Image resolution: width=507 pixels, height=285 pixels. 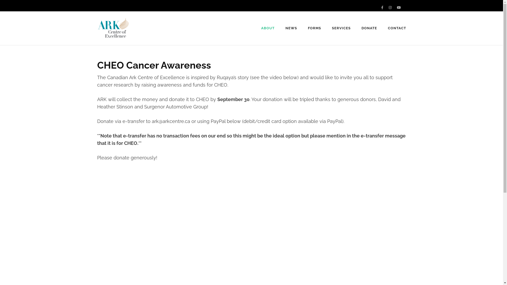 I want to click on 'DONATE', so click(x=361, y=28).